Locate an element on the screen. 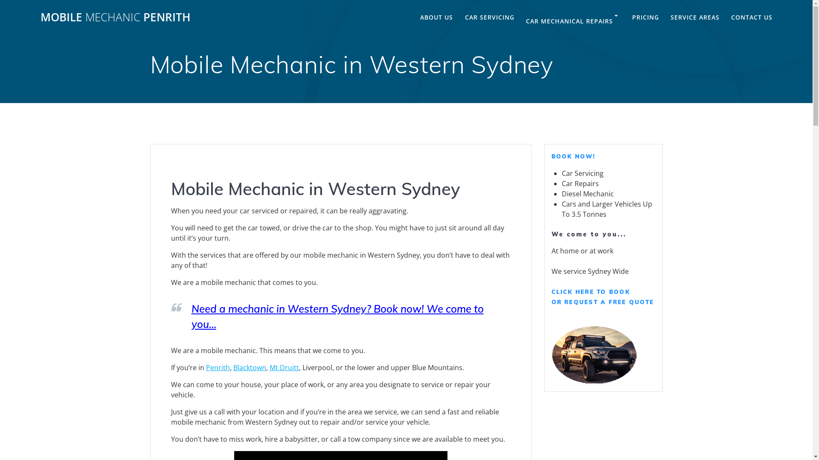 The width and height of the screenshot is (819, 460). 'Penrith' is located at coordinates (217, 367).